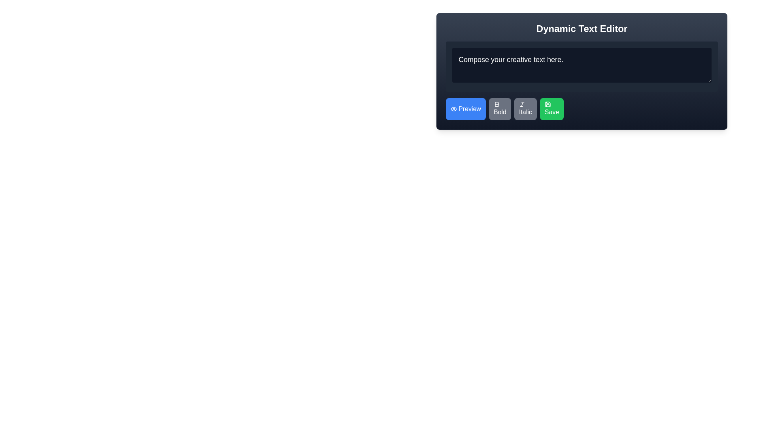 The image size is (759, 427). I want to click on the 'Bold' button icon in the toolbar to apply bold formatting to the selected text, so click(496, 104).